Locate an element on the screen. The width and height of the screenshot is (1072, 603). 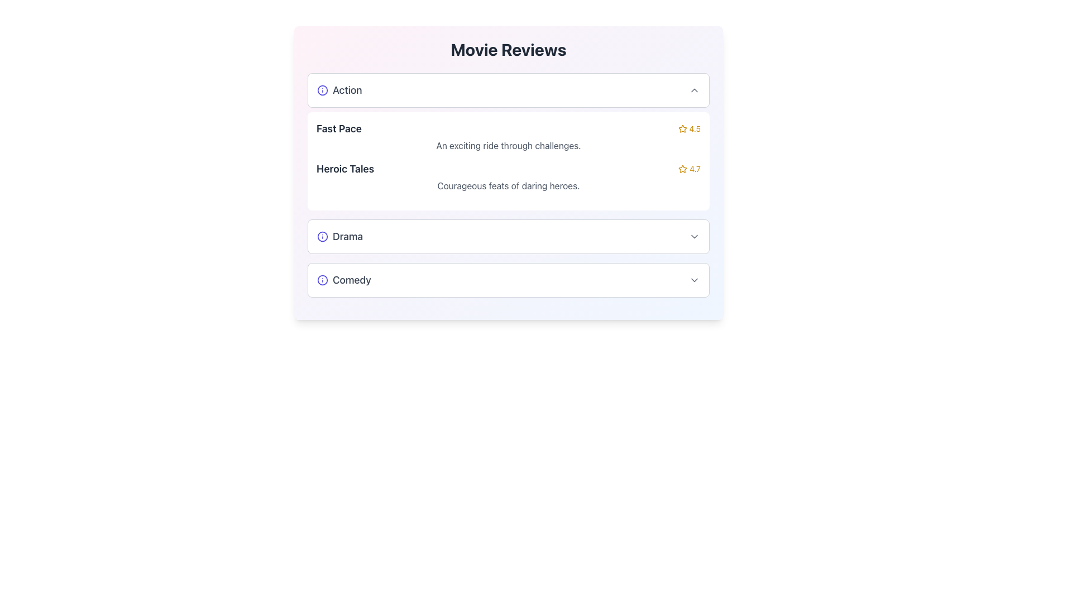
the 'Heroic Tales' list item, which includes a bold title, description, and a rating of '4.7', located in the second position of the 'Action' category is located at coordinates (508, 176).